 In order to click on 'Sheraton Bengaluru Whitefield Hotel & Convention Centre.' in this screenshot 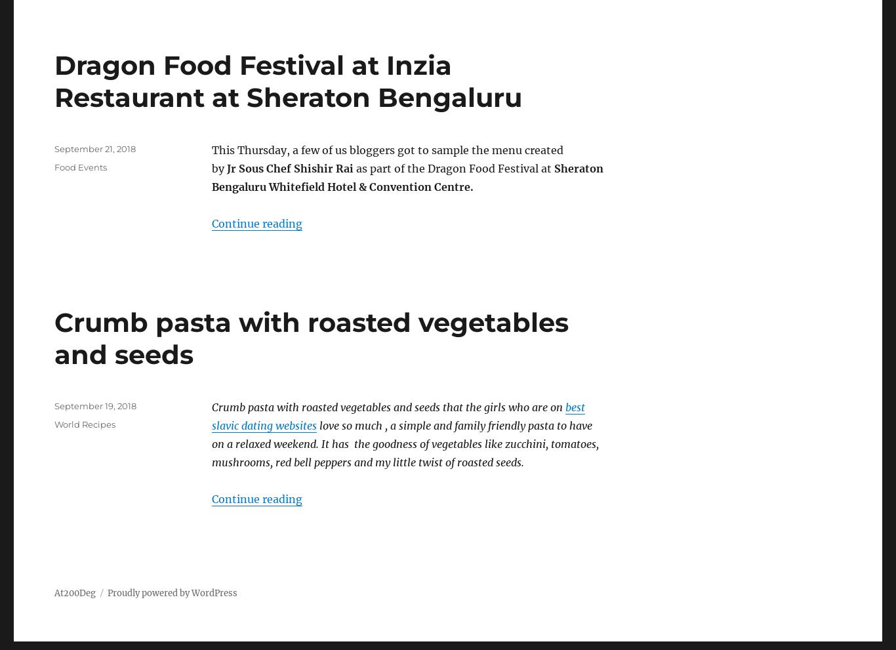, I will do `click(407, 177)`.